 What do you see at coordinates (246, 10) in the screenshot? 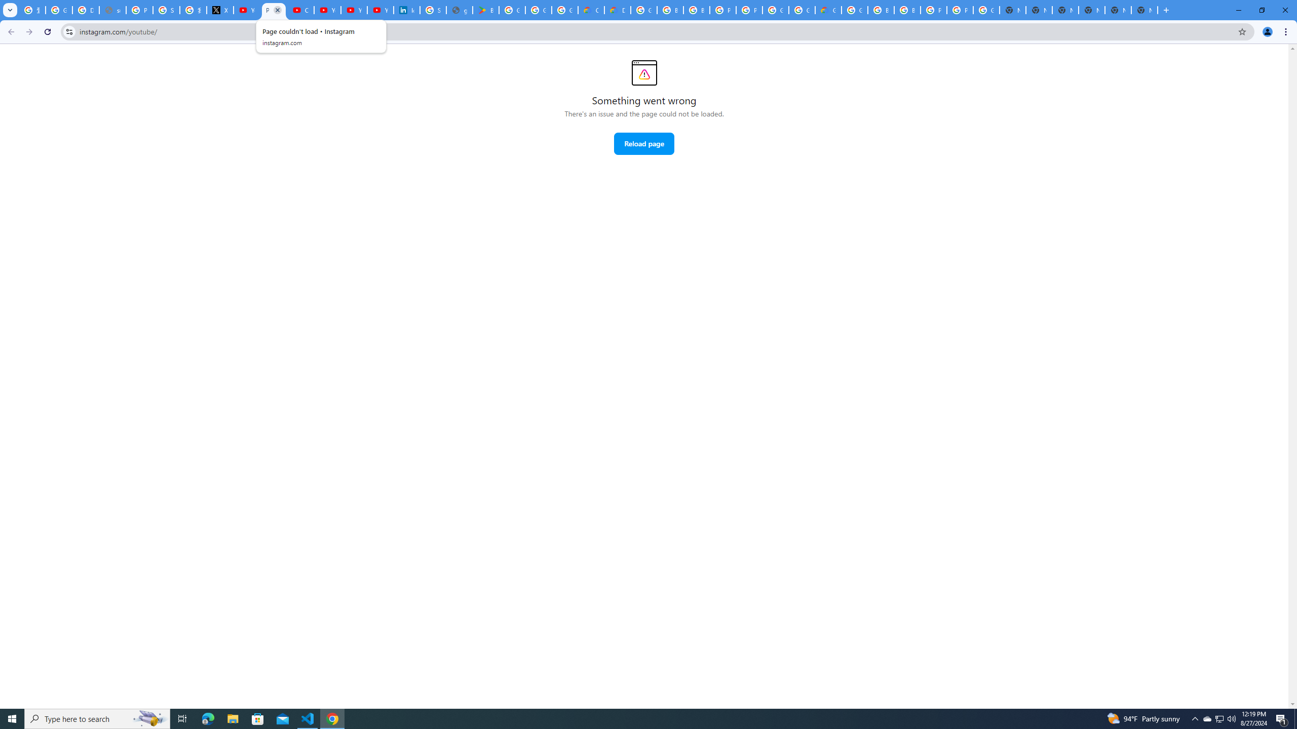
I see `'YouTube Content Monetization Policies - How YouTube Works'` at bounding box center [246, 10].